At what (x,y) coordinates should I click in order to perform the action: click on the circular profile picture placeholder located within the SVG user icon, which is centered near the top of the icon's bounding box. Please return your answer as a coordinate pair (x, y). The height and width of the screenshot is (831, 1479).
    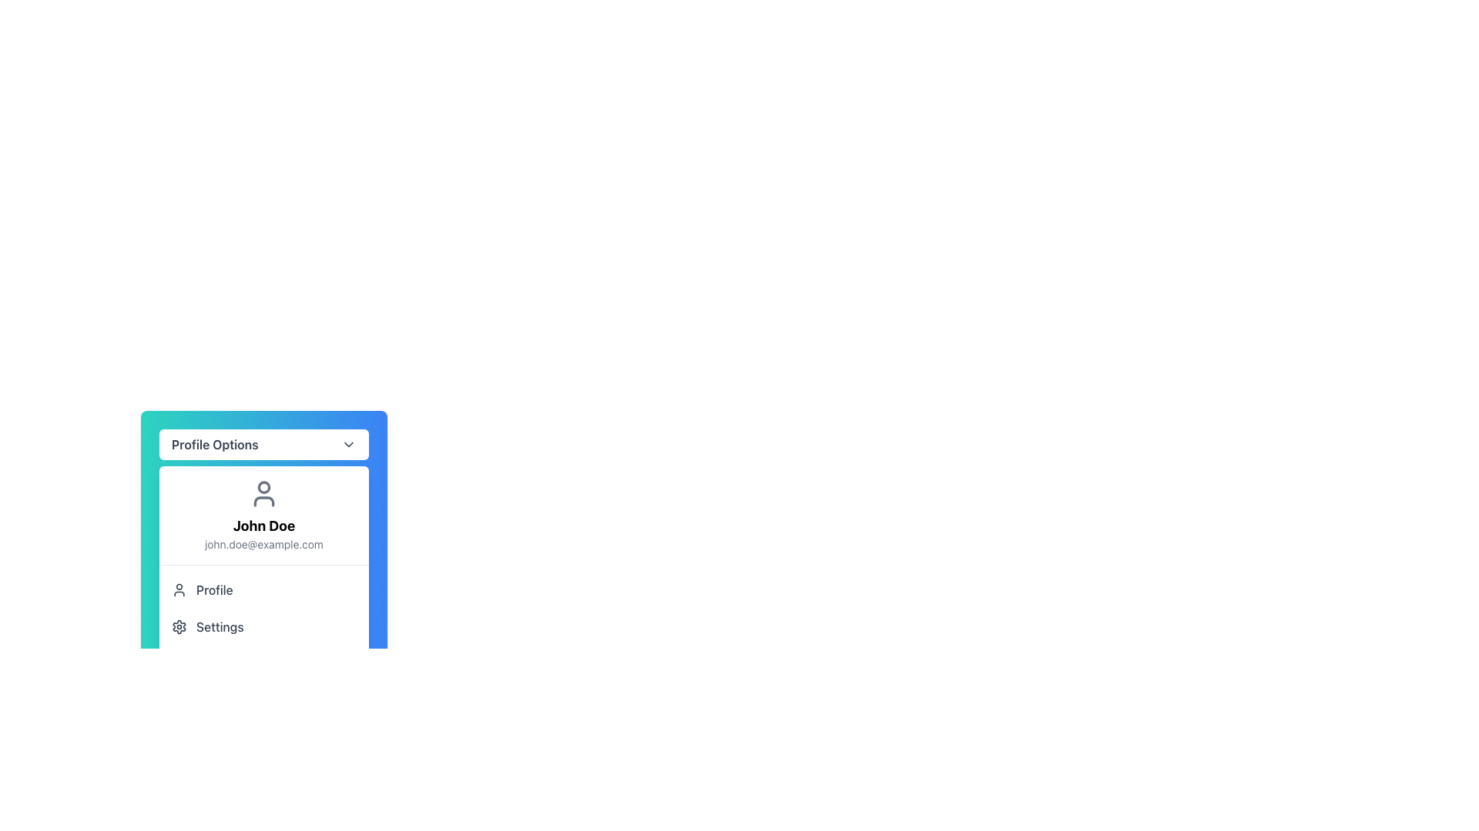
    Looking at the image, I should click on (263, 486).